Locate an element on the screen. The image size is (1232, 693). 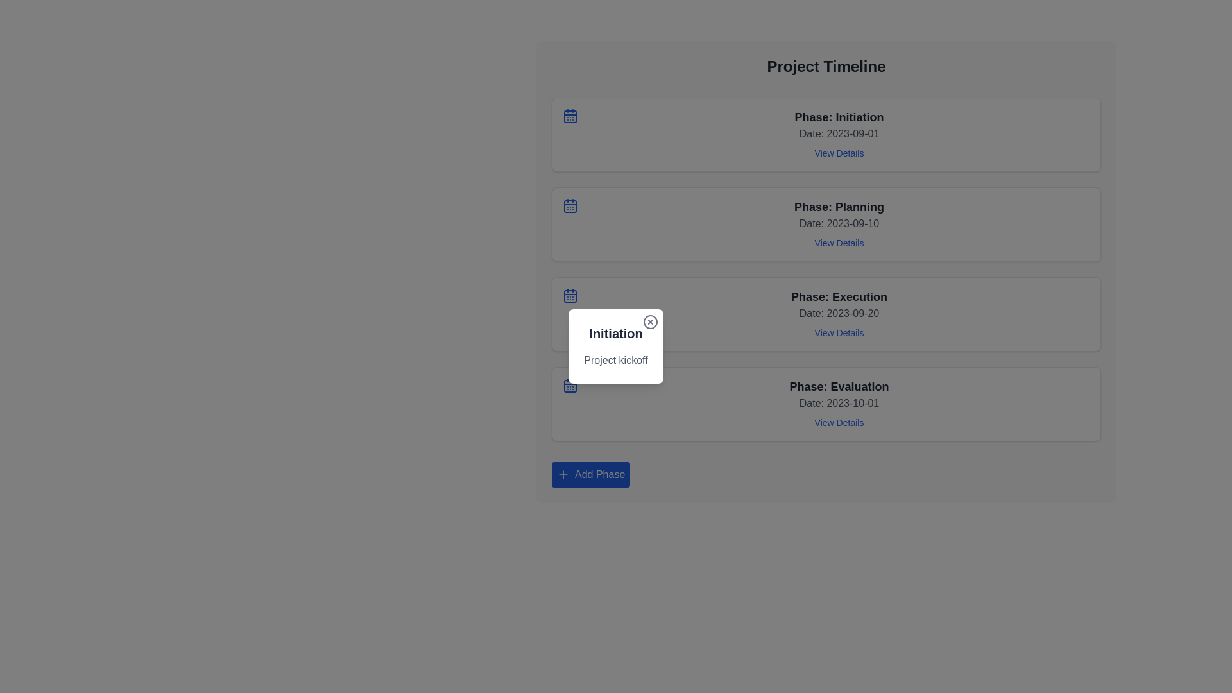
the 'View Details' hyperlink, which is styled in a small, blue-colored font with an underline effect, located in the bottom-right portion of the details box for 'Phase: Planning' and 'Date: 2023-09-10' is located at coordinates (839, 243).